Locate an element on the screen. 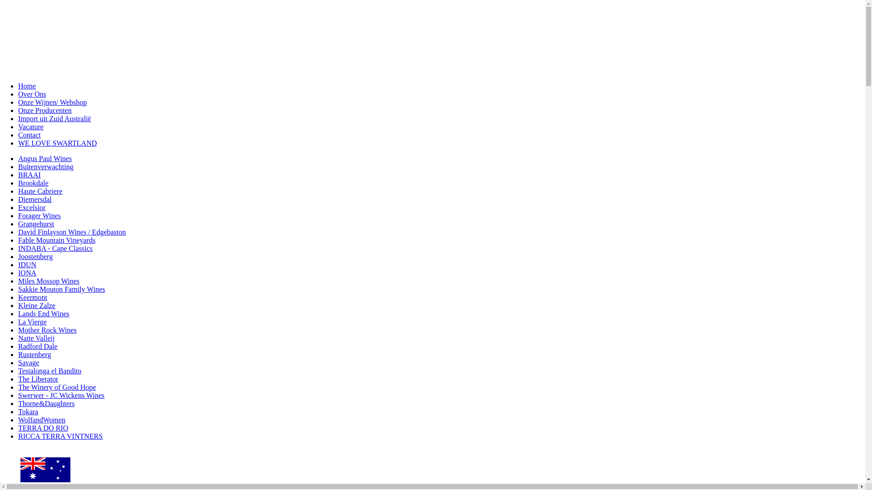 This screenshot has height=490, width=872. 'Joostenberg' is located at coordinates (35, 256).